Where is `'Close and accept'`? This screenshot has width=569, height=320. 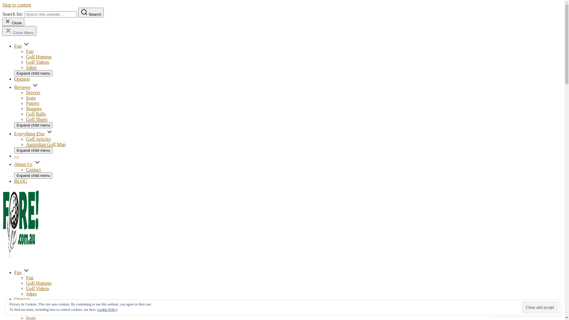 'Close and accept' is located at coordinates (522, 307).